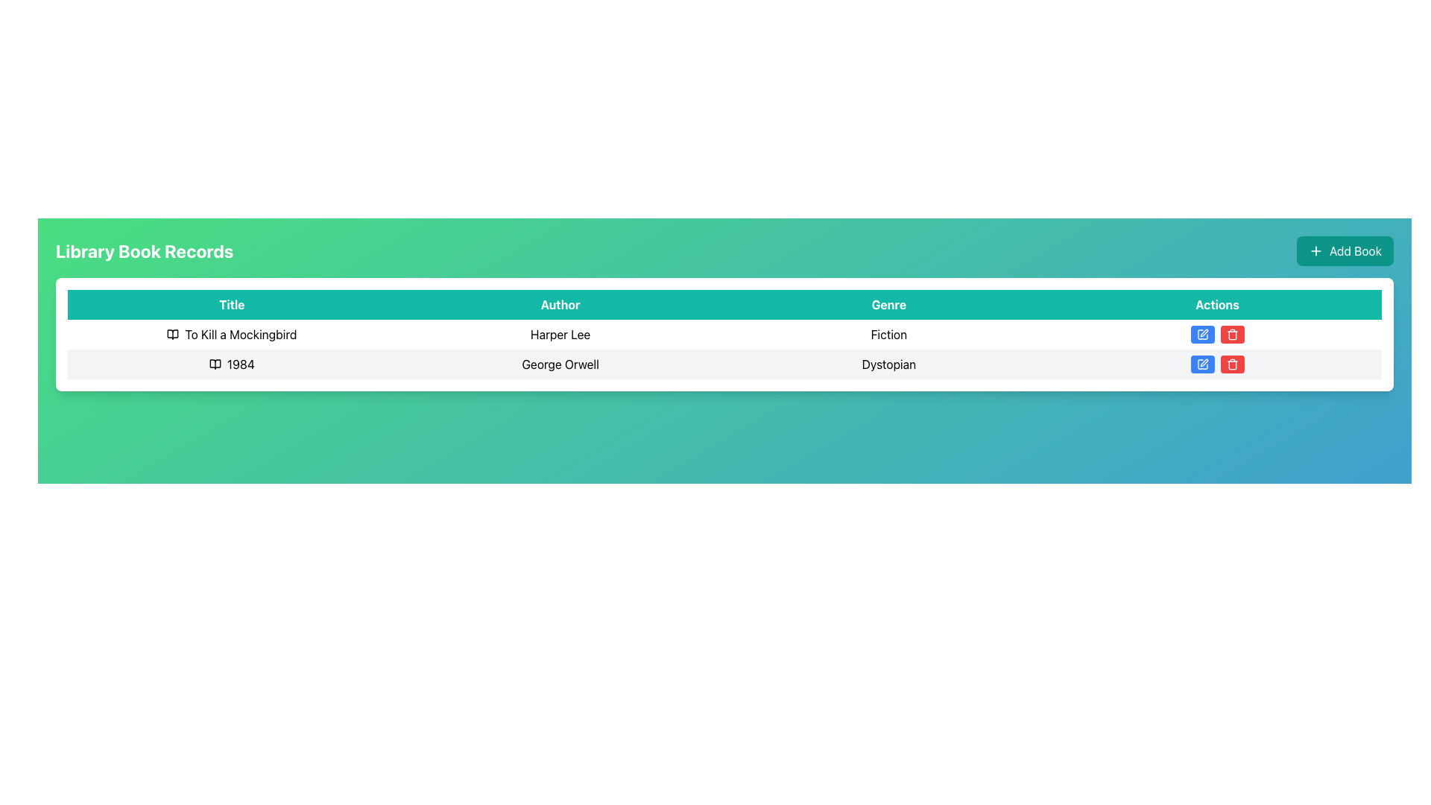 The width and height of the screenshot is (1431, 805). Describe the element at coordinates (231, 364) in the screenshot. I see `text '1984' which is styled in black and is adjacent to a book icon in the second row of the table under the 'Title' column` at that location.